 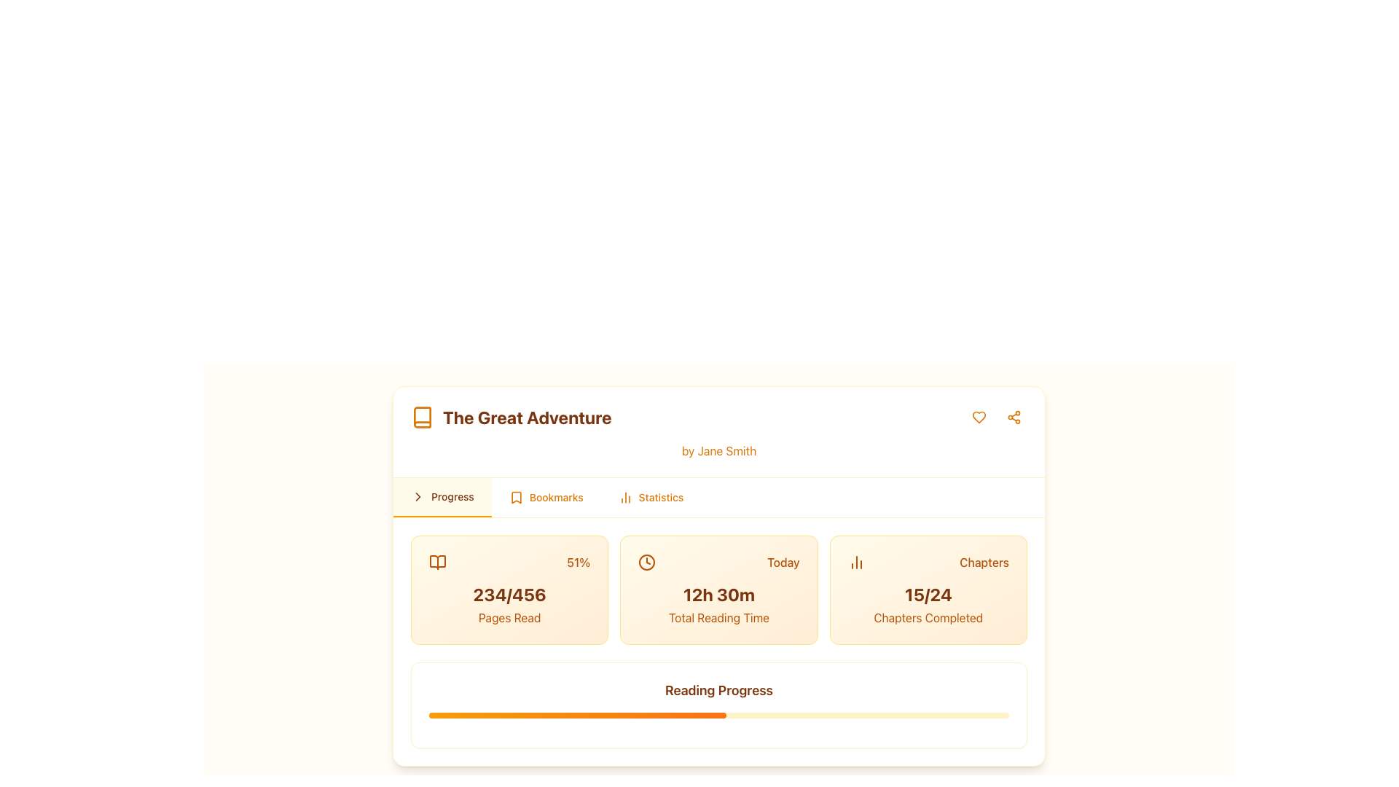 I want to click on the graphical details of the clock icon representing total reading time on the 'Today' card, located at the left side near the textual elements '12h 30m' and 'Today', so click(x=646, y=561).